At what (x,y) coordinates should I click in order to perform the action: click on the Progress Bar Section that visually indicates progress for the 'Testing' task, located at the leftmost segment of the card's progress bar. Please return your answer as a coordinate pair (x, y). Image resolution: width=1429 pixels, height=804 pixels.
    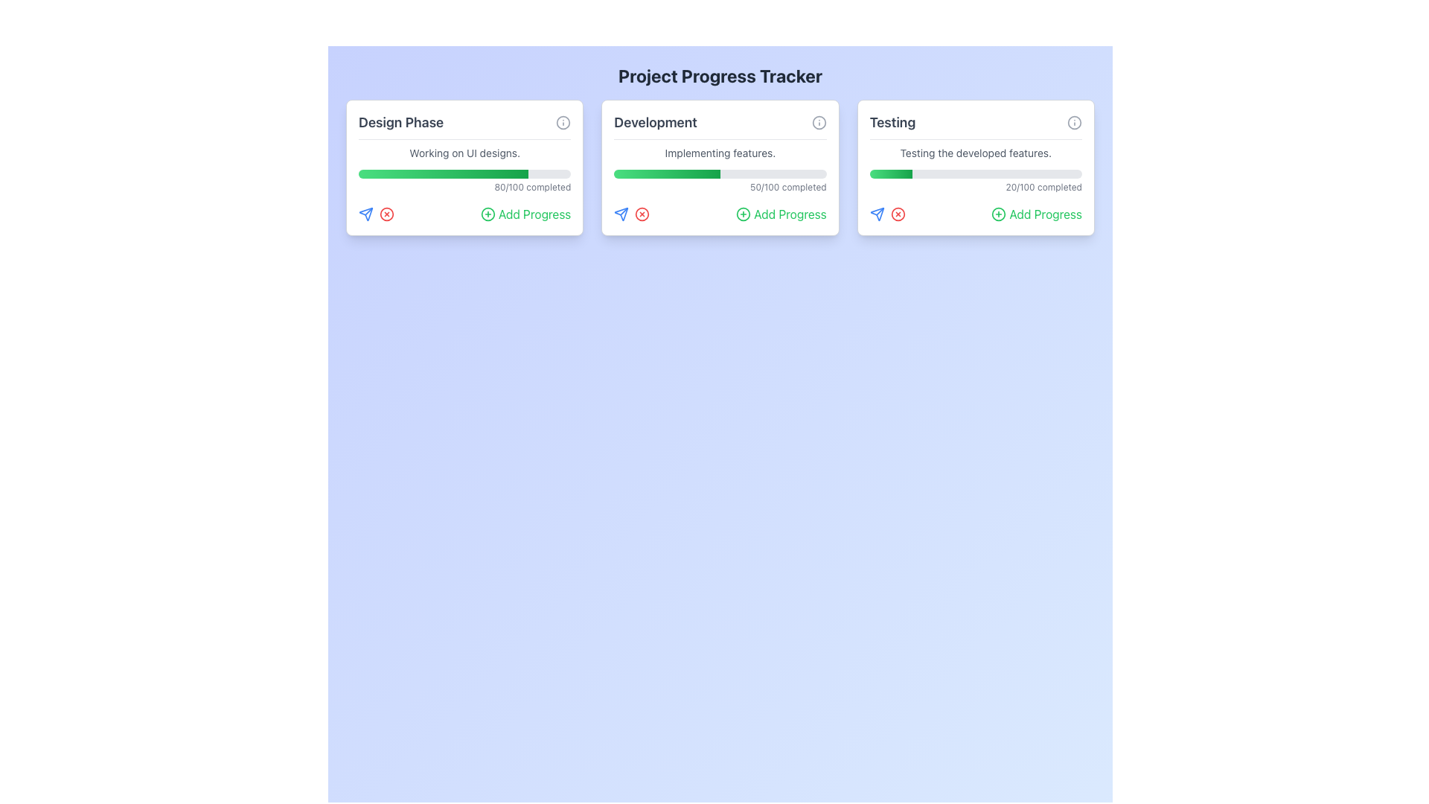
    Looking at the image, I should click on (891, 173).